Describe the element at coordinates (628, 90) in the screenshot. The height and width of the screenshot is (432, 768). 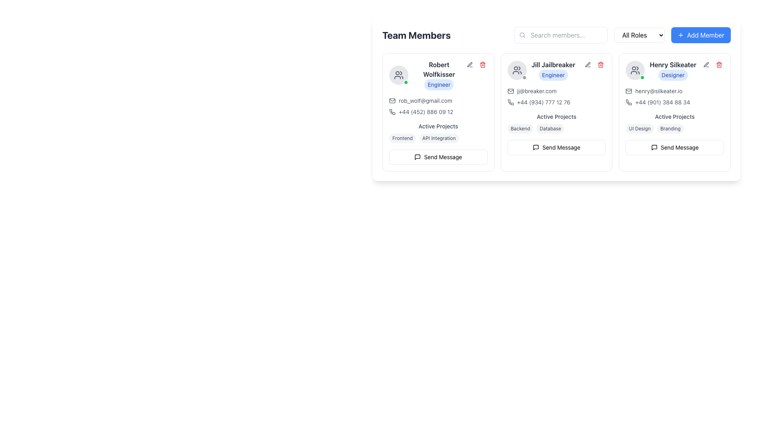
I see `the small envelope icon representing the mail symbol located to the left of the email address 'henry@silkeater.io' in the user profile section labeled 'Henry Silkeater'` at that location.